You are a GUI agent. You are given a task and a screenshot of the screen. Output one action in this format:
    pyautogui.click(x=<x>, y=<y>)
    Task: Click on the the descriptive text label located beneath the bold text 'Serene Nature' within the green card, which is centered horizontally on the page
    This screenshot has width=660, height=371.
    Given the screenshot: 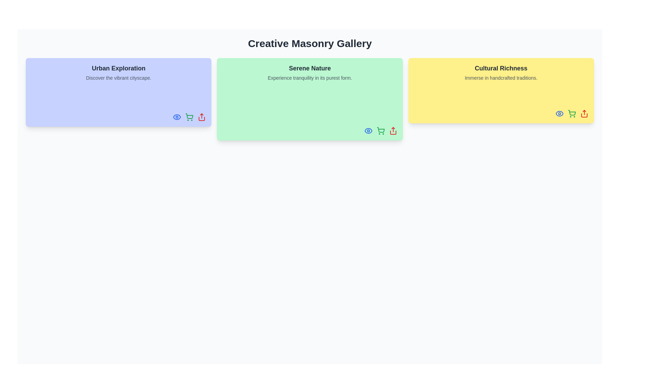 What is the action you would take?
    pyautogui.click(x=309, y=78)
    